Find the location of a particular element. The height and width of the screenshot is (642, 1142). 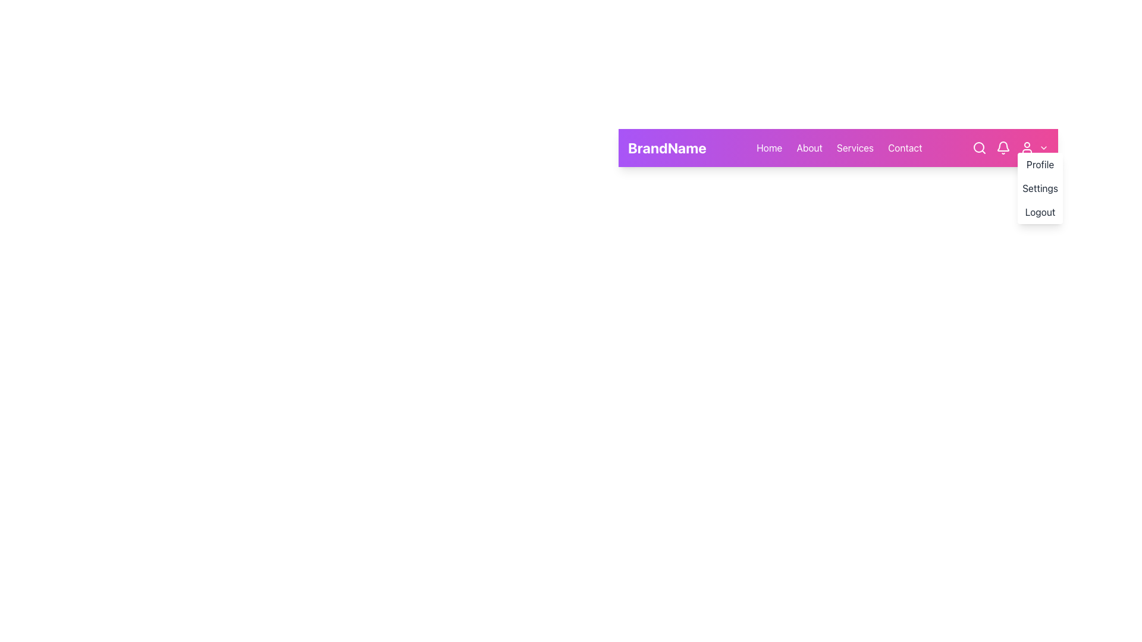

the 'About' hyperlink in the navigation bar to underline the text, which is styled in white font against a purple gradient background is located at coordinates (809, 147).